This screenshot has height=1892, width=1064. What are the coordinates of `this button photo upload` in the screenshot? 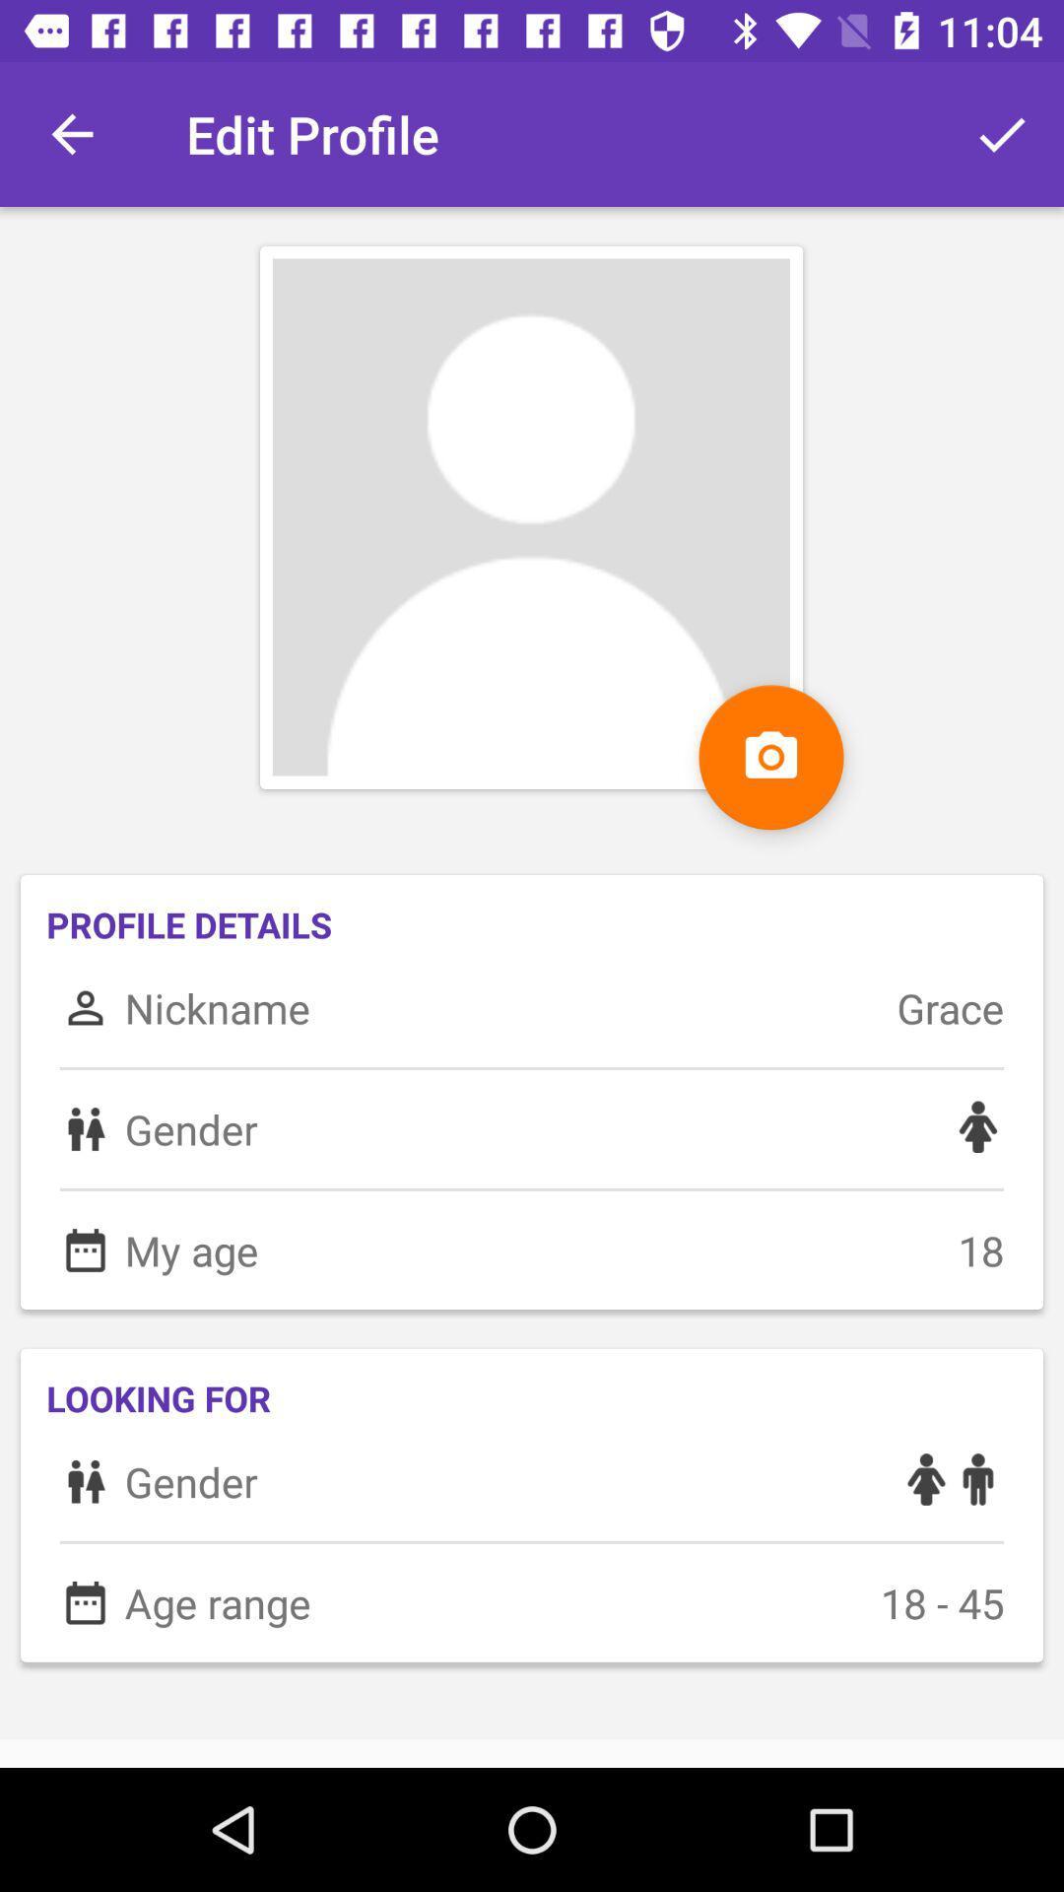 It's located at (770, 756).